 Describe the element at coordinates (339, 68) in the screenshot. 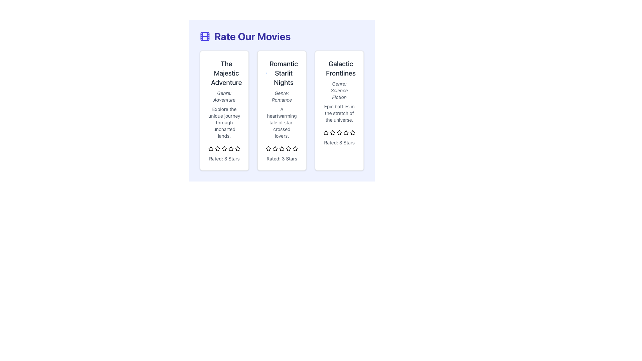

I see `the text label displaying the title 'Galactic Frontlines', which is located at the topmost area of the third card in the horizontally aligned card layout` at that location.